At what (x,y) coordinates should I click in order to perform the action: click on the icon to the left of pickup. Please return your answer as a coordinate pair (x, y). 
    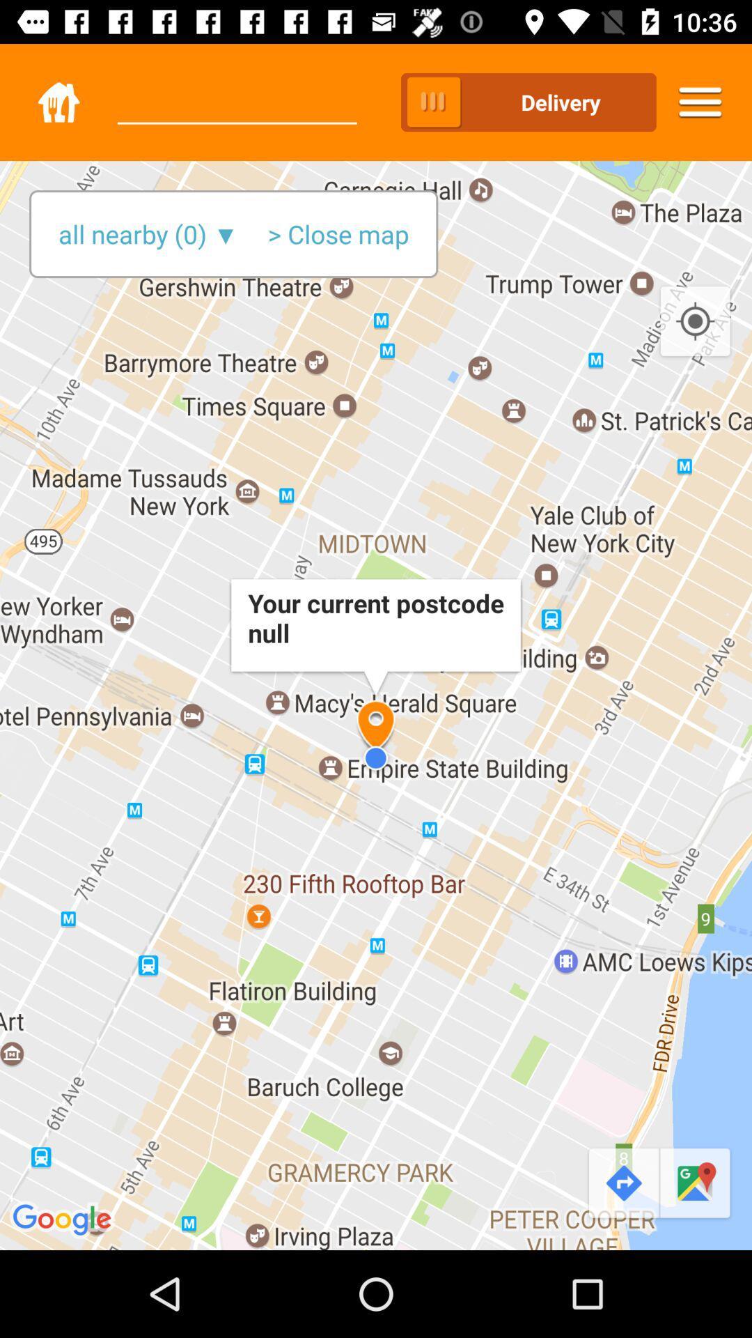
    Looking at the image, I should click on (236, 89).